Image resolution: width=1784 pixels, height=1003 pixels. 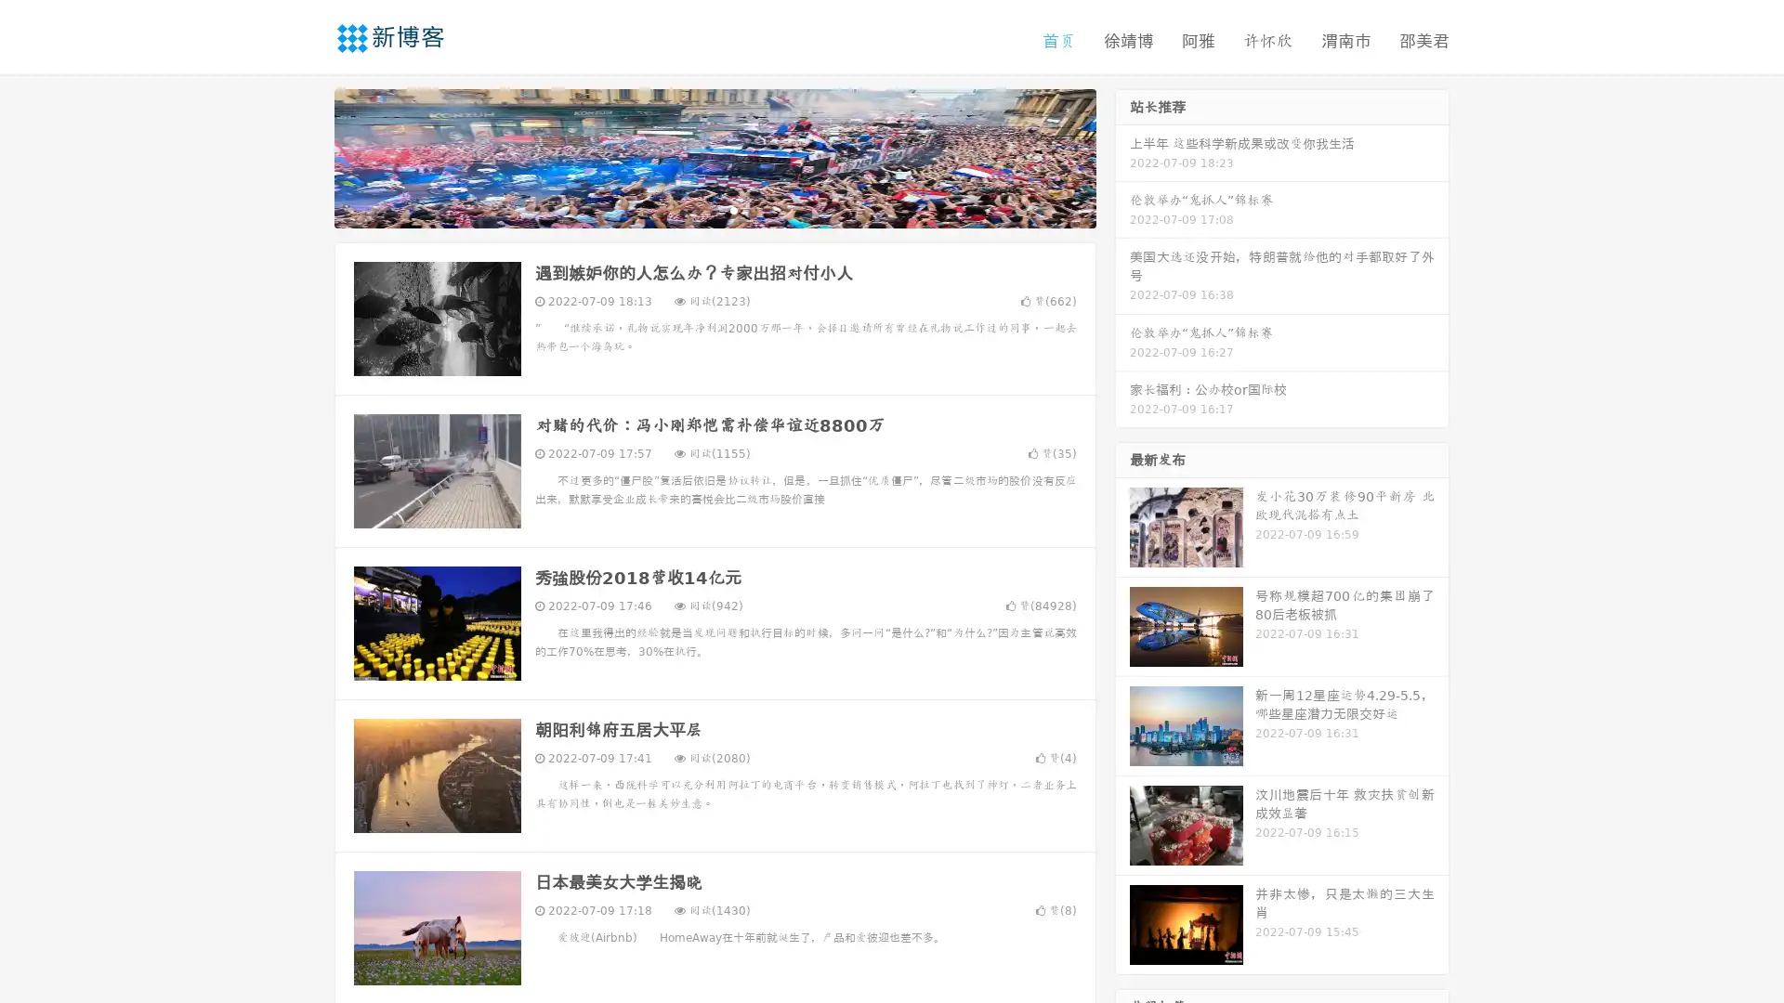 I want to click on Previous slide, so click(x=307, y=156).